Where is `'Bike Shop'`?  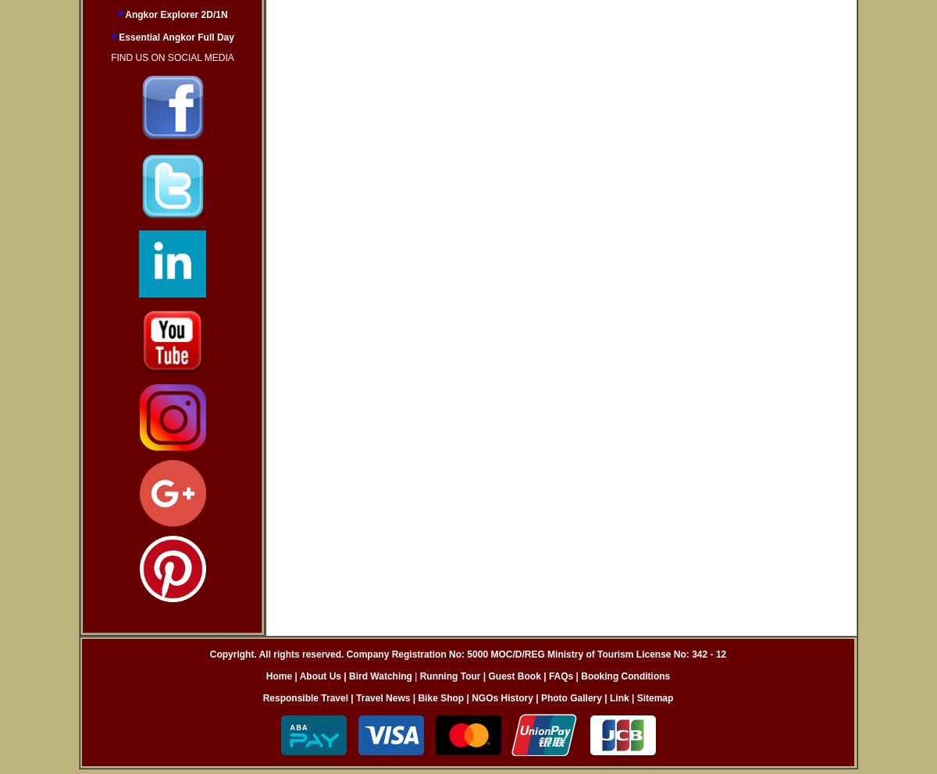 'Bike Shop' is located at coordinates (440, 697).